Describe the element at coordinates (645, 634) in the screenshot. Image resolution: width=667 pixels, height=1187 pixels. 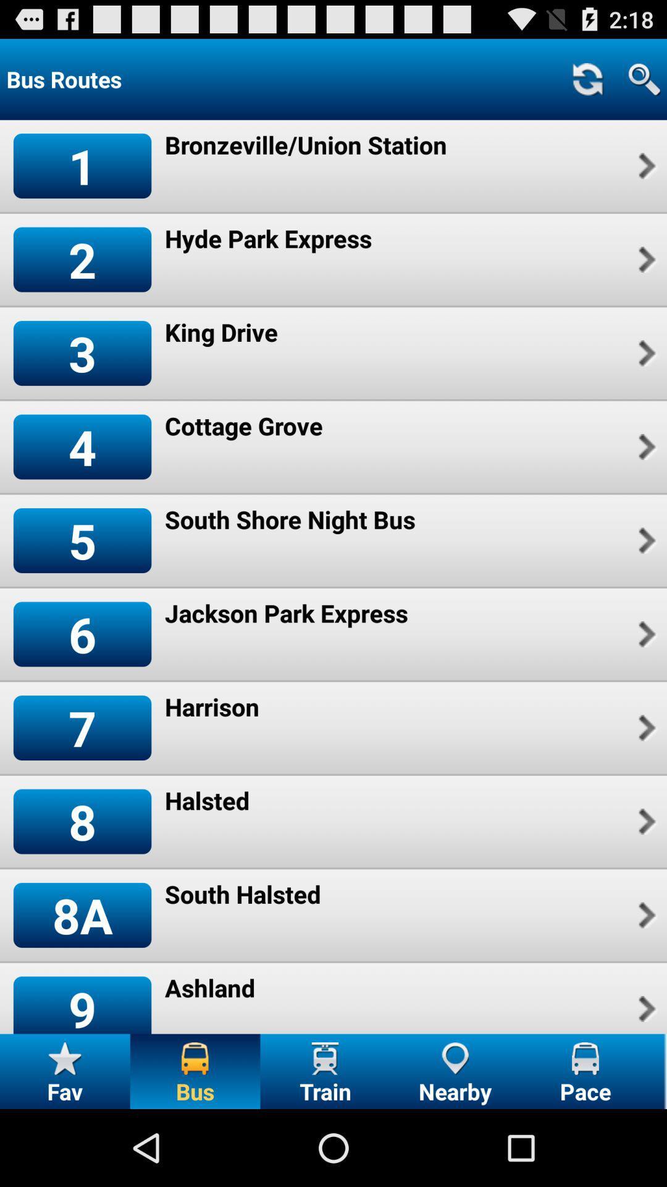
I see `the item next to jackson park express` at that location.